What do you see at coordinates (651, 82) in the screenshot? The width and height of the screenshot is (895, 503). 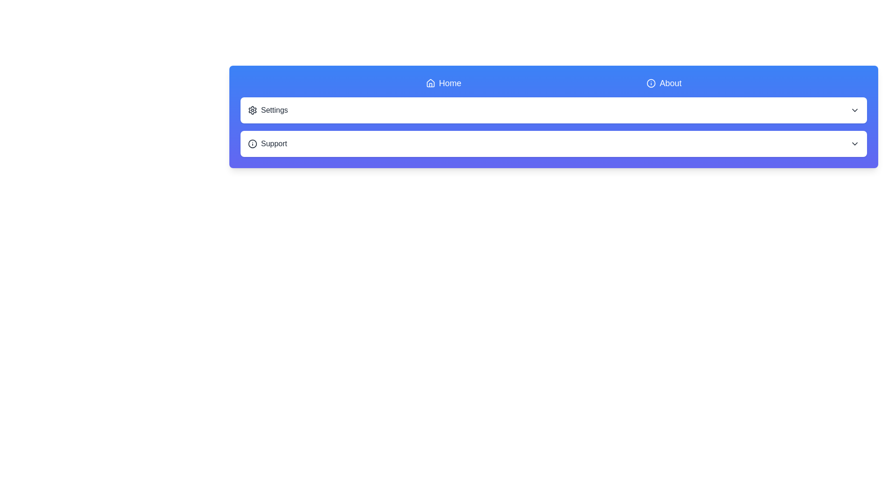 I see `the circular informational icon with an 'i' symbol located to the left of the 'About' label in the top navigation row` at bounding box center [651, 82].